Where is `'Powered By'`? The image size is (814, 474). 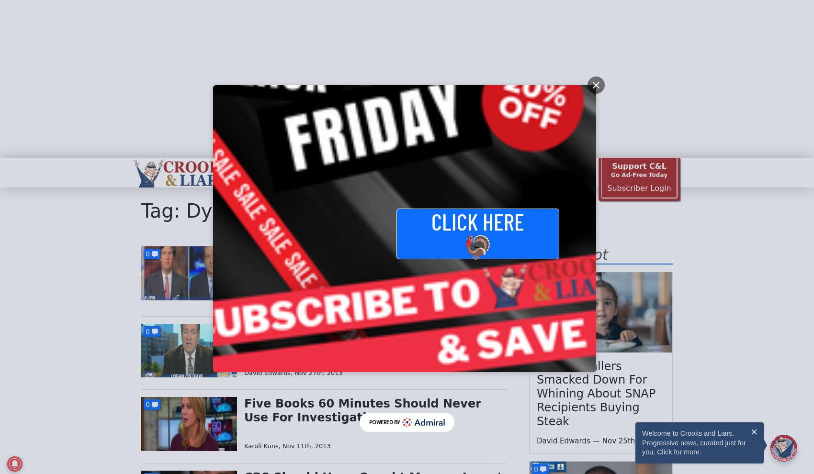
'Powered By' is located at coordinates (368, 421).